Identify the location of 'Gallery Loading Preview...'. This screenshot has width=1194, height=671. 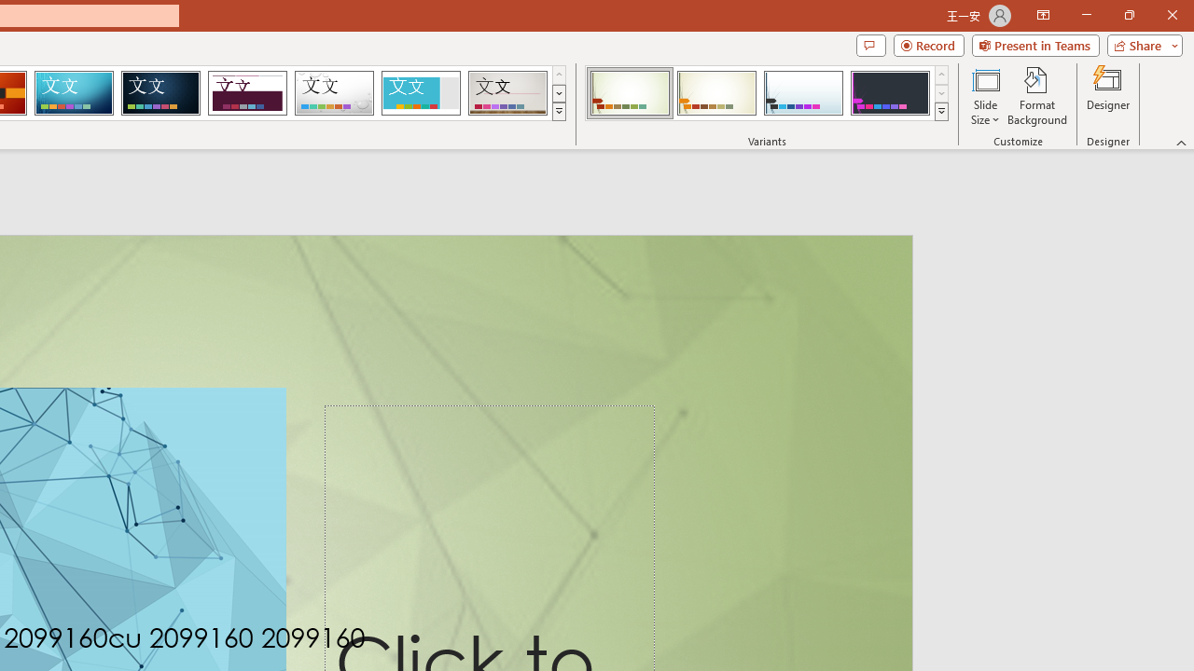
(507, 93).